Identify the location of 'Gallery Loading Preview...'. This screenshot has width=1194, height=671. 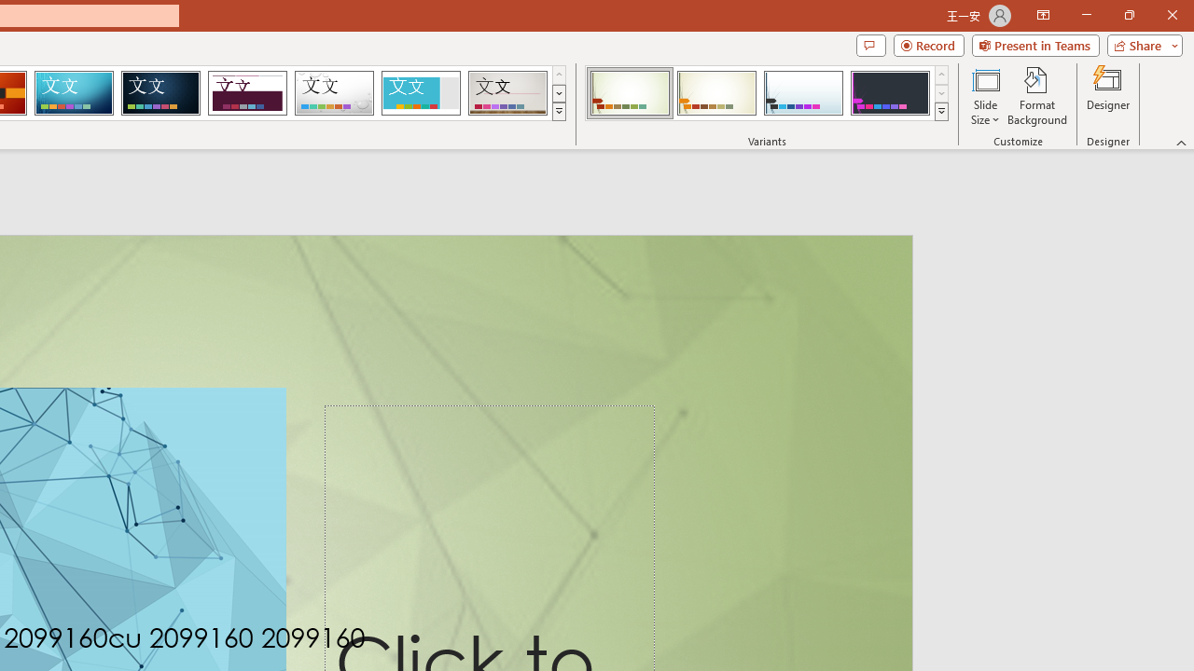
(507, 93).